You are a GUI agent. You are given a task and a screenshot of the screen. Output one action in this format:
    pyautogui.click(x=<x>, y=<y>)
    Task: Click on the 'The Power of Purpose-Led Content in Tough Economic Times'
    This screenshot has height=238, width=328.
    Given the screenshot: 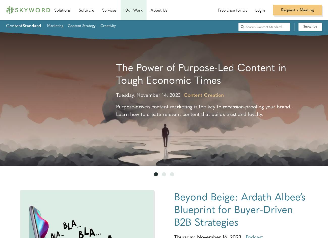 What is the action you would take?
    pyautogui.click(x=116, y=73)
    